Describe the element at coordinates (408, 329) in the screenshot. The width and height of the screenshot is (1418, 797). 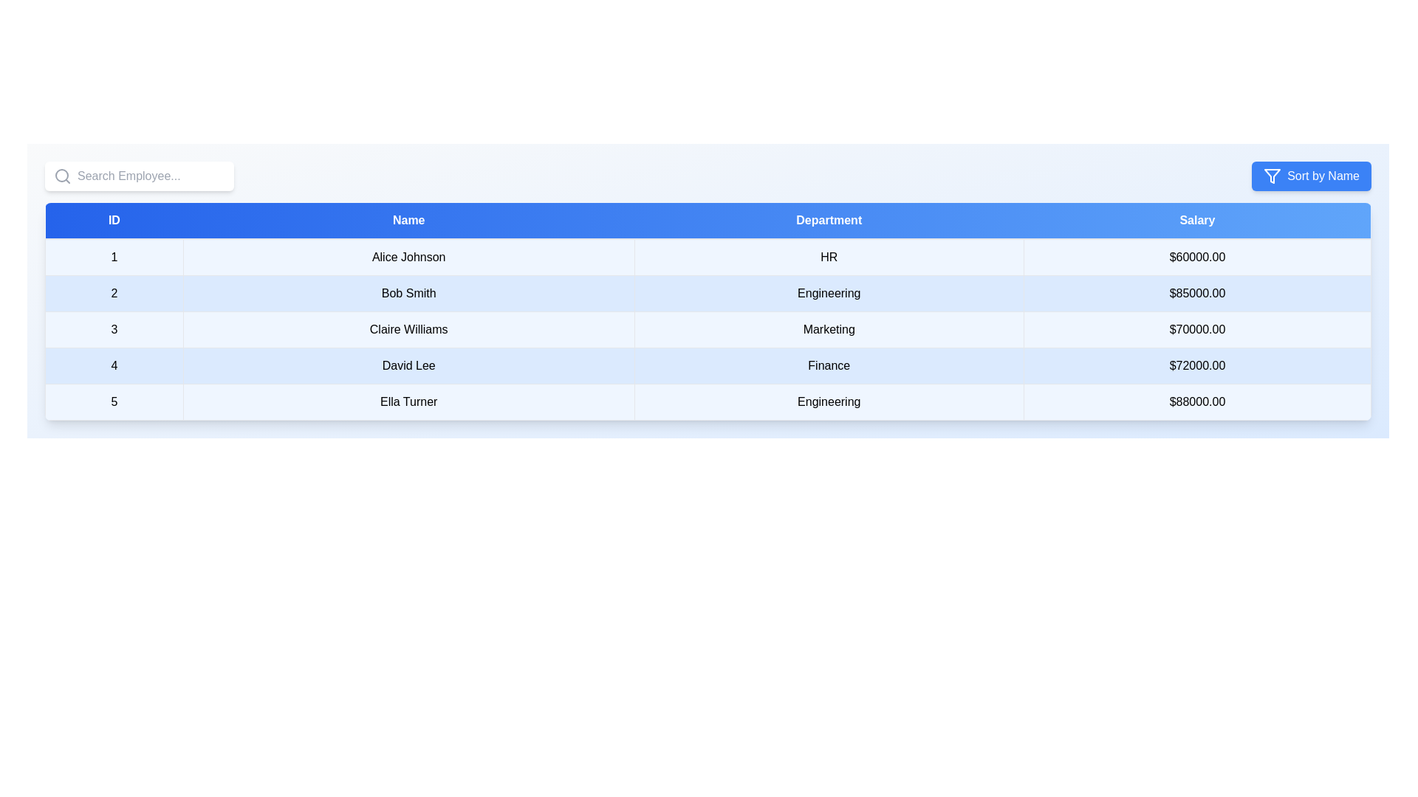
I see `the text block displaying the name 'Claire Williams' in the third row of the table grid, which identifies the individual in that row` at that location.